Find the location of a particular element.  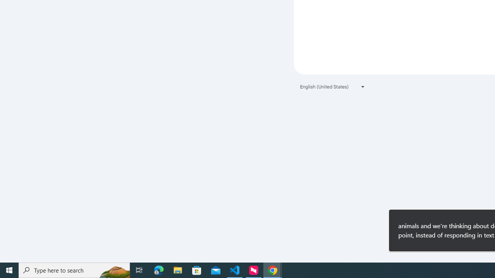

'English (United States)' is located at coordinates (333, 86).